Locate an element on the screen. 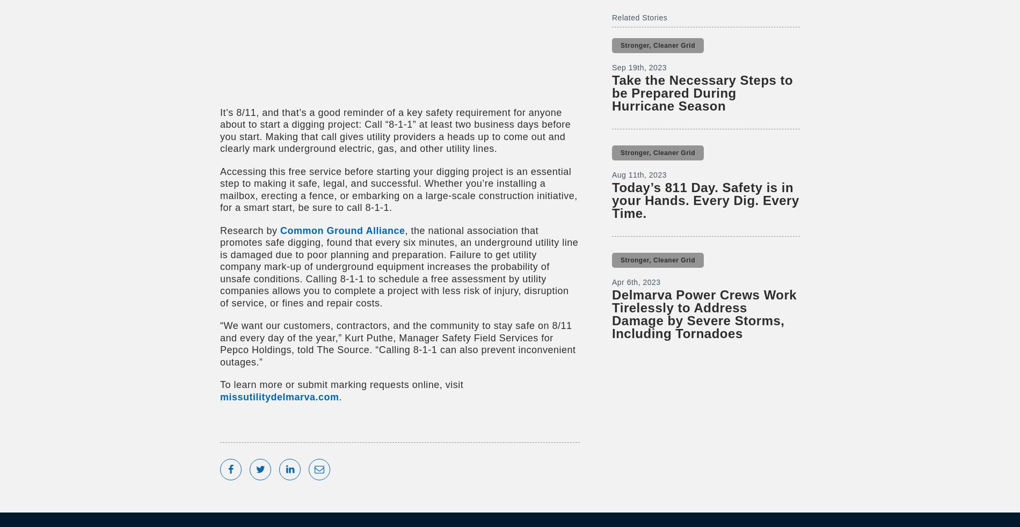 This screenshot has width=1020, height=527. 'Delmarva Power Crews Work Tirelessly to Address Damage by Severe Storms, Including Tornadoes' is located at coordinates (612, 313).